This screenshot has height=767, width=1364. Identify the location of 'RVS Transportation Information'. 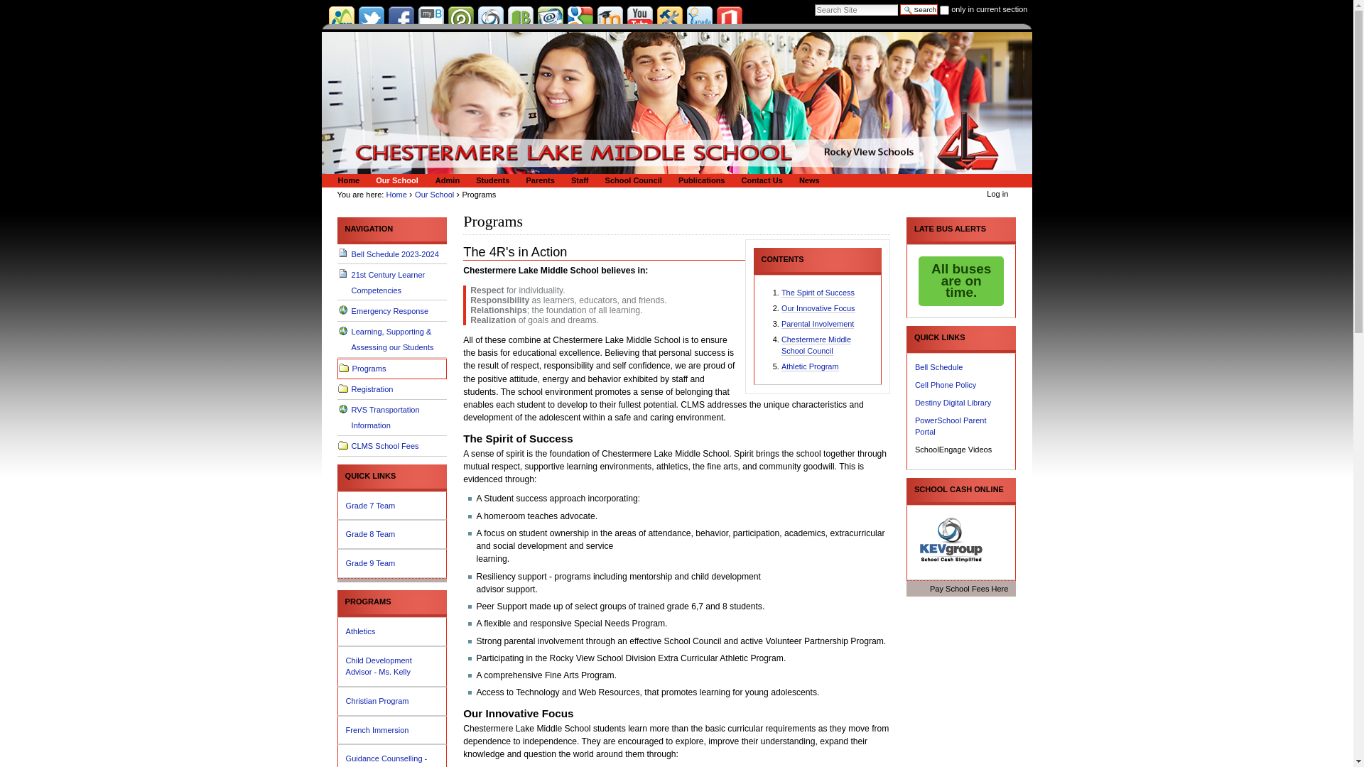
(392, 418).